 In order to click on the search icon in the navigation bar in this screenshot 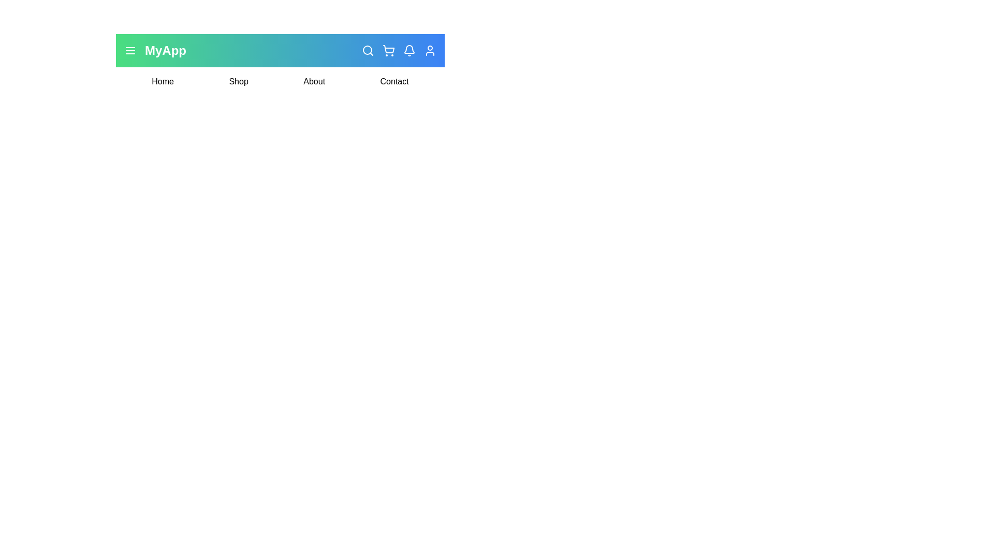, I will do `click(368, 50)`.